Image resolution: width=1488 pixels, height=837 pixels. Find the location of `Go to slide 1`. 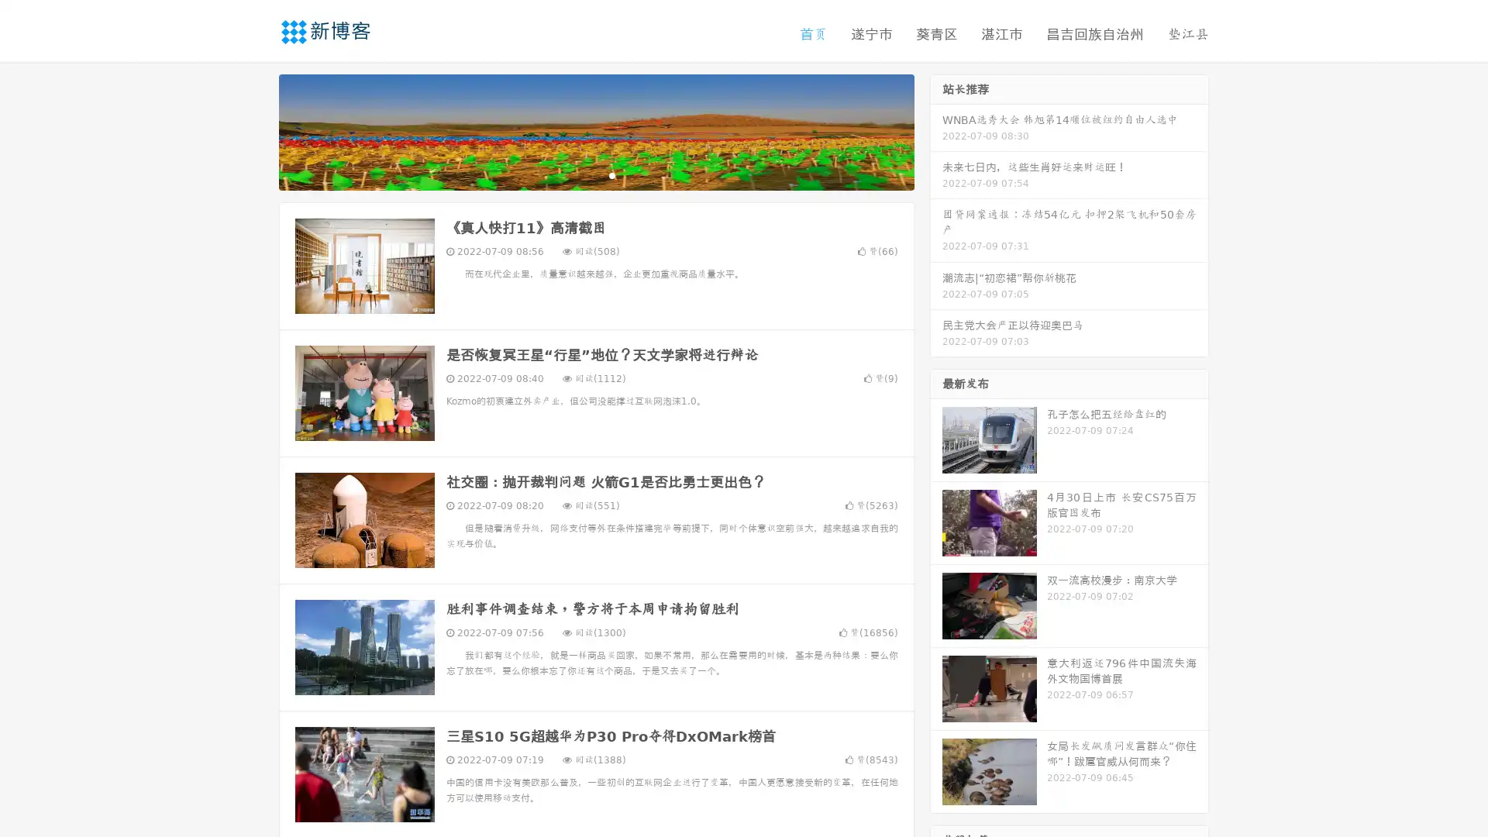

Go to slide 1 is located at coordinates (580, 174).